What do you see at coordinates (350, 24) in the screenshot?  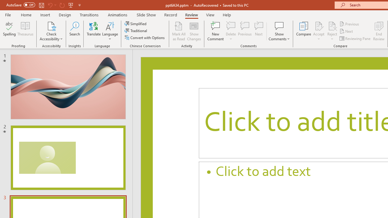 I see `'Previous'` at bounding box center [350, 24].